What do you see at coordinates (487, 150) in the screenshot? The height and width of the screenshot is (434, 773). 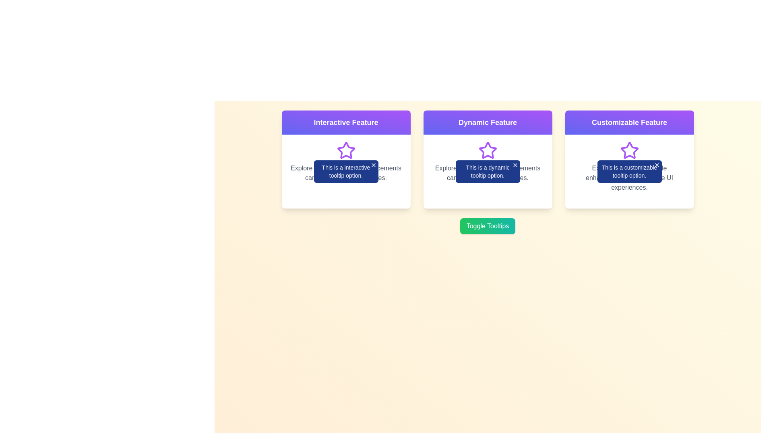 I see `the prominent purple star icon with a hollow center located within the 'Dynamic Feature' card, positioned above the descriptive text and below the heading text` at bounding box center [487, 150].